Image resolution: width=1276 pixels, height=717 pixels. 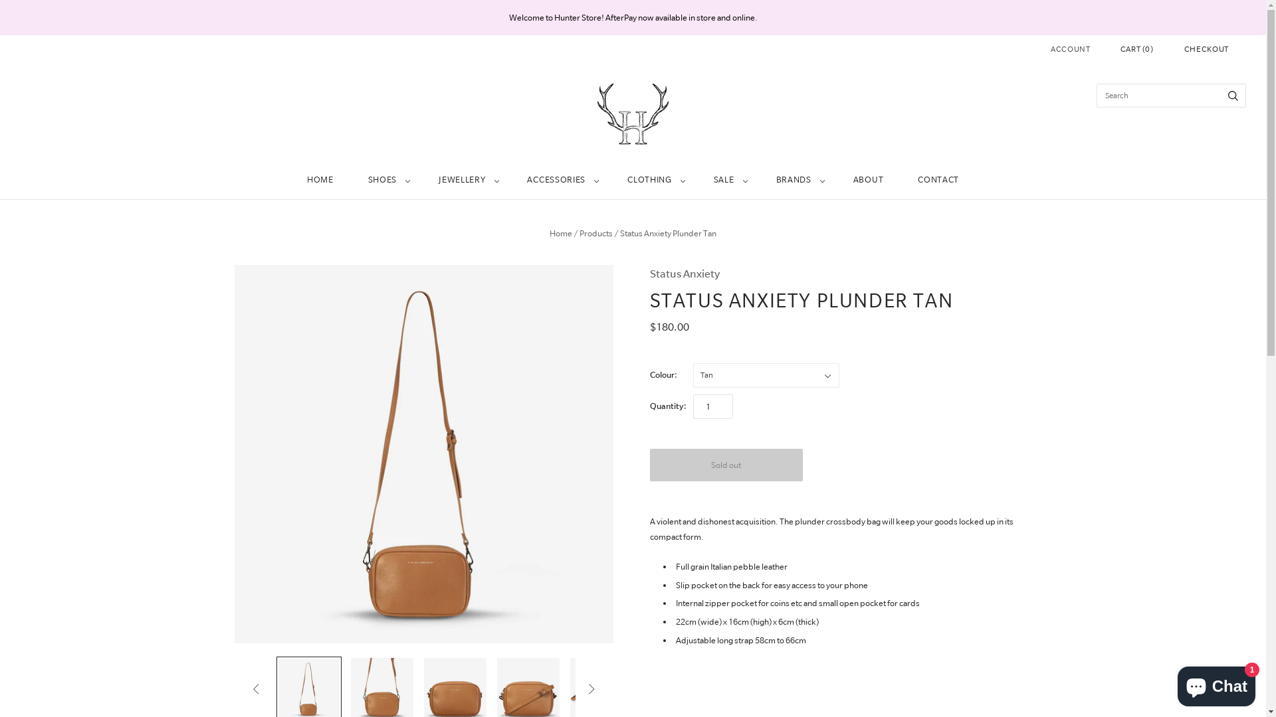 What do you see at coordinates (1119, 48) in the screenshot?
I see `'CART (0)'` at bounding box center [1119, 48].